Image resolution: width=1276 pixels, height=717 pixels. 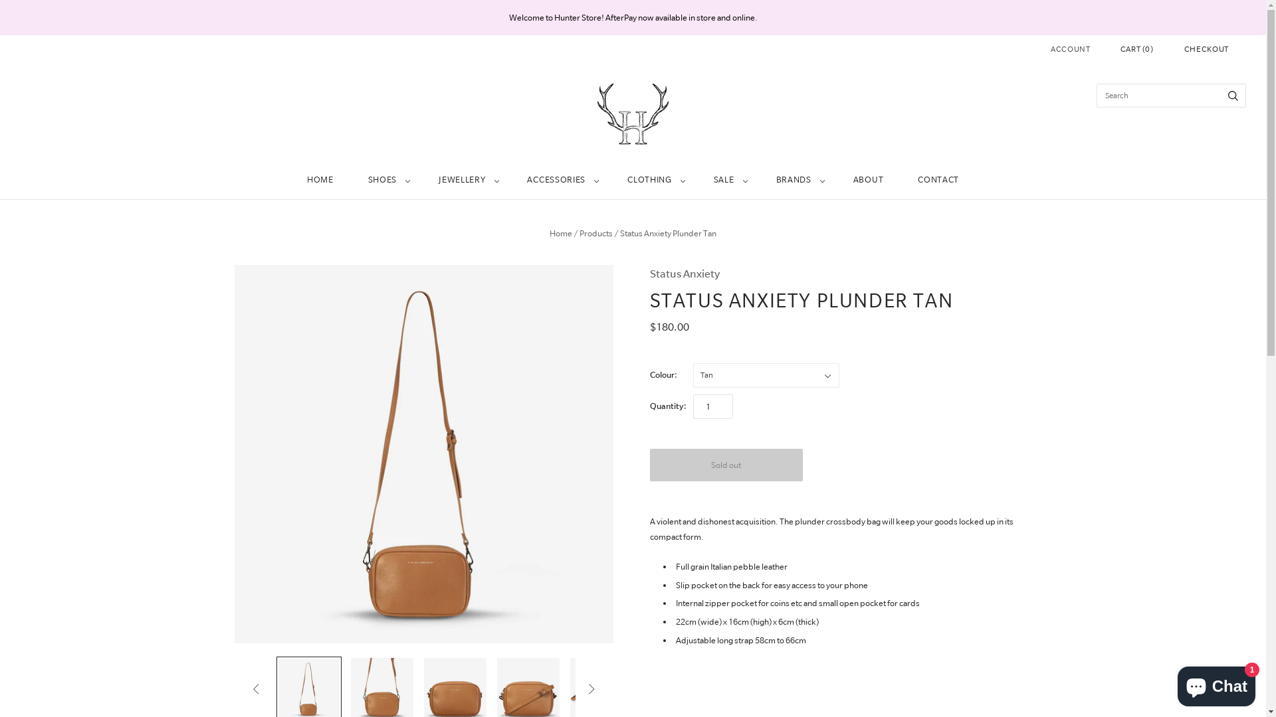 What do you see at coordinates (1119, 48) in the screenshot?
I see `'CART (0)'` at bounding box center [1119, 48].